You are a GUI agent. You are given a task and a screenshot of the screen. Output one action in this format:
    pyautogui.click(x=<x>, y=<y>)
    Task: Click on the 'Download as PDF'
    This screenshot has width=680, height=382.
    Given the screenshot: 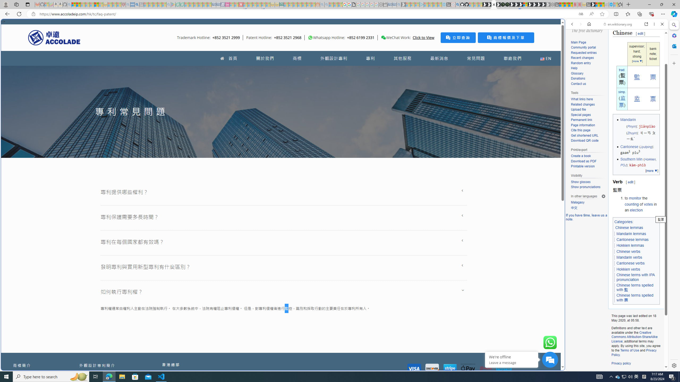 What is the action you would take?
    pyautogui.click(x=583, y=161)
    